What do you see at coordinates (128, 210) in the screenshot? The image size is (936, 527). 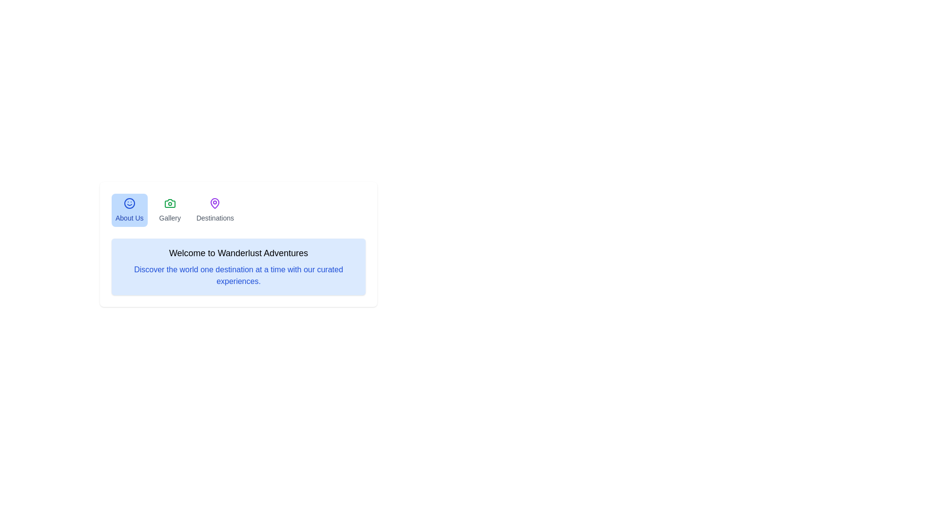 I see `the About Us tab` at bounding box center [128, 210].